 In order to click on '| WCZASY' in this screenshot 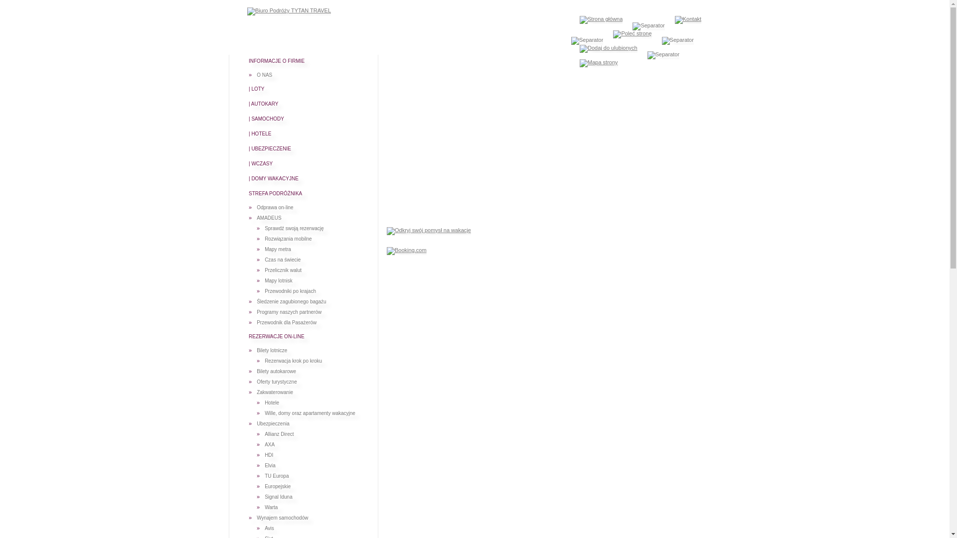, I will do `click(261, 163)`.